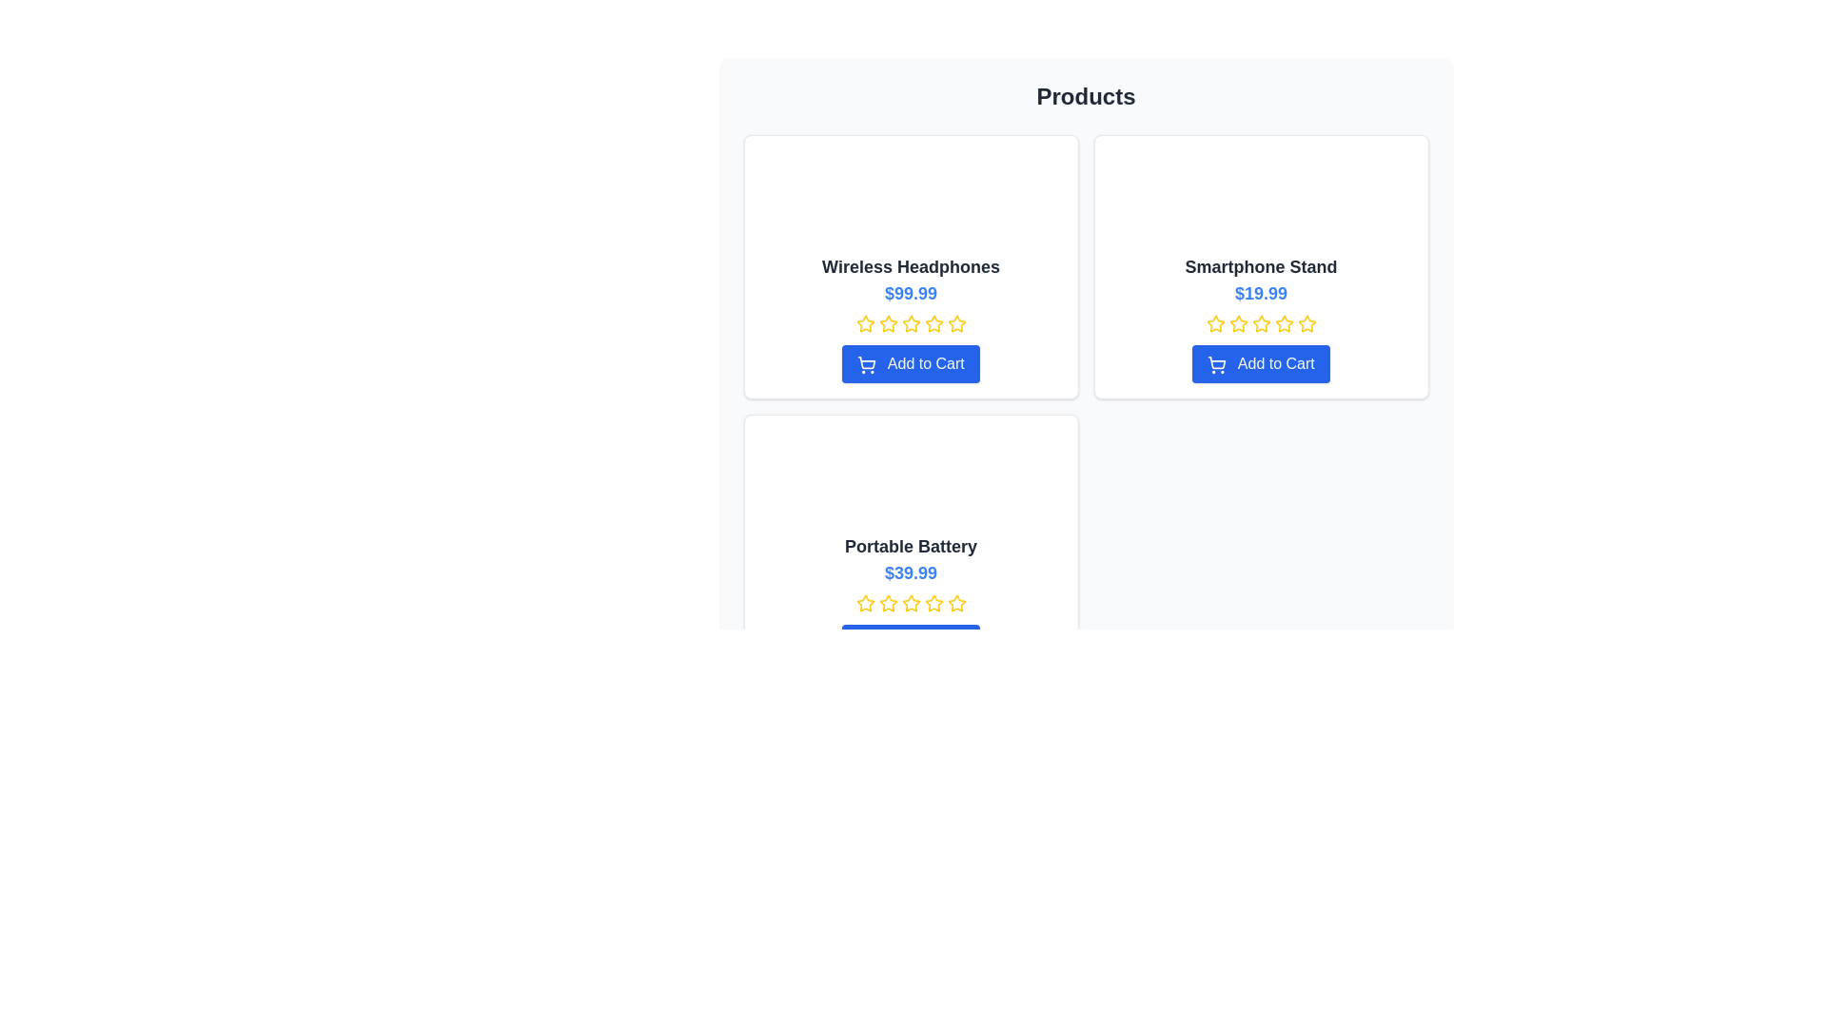 This screenshot has width=1827, height=1027. Describe the element at coordinates (910, 604) in the screenshot. I see `the third star in the interactive rating stars below the price of the 'Portable Battery' to give a rating` at that location.